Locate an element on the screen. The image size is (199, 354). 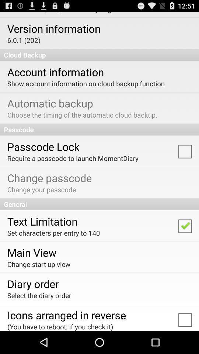
text limitation app is located at coordinates (42, 221).